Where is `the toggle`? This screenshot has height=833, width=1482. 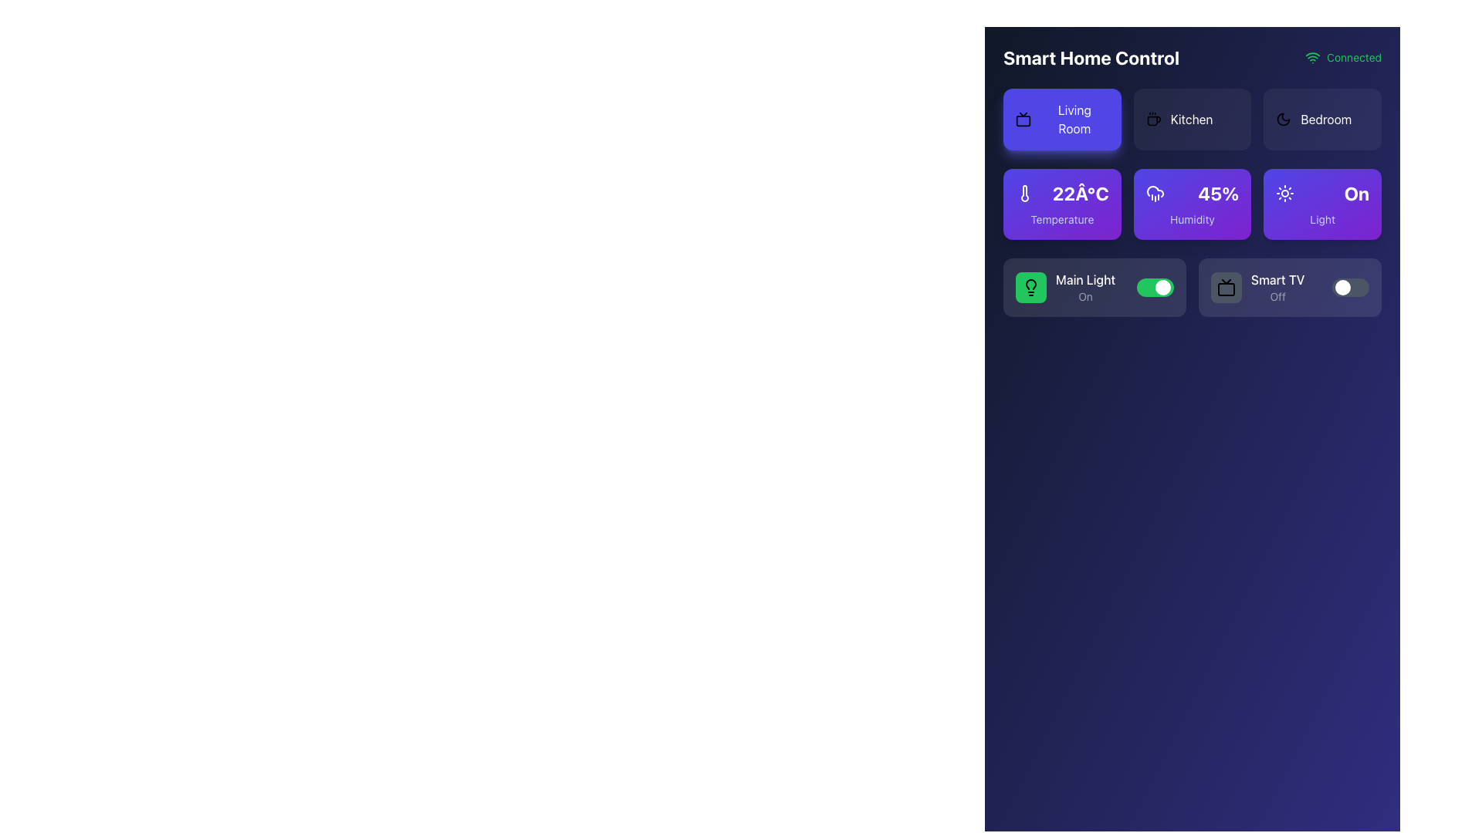
the toggle is located at coordinates (1334, 288).